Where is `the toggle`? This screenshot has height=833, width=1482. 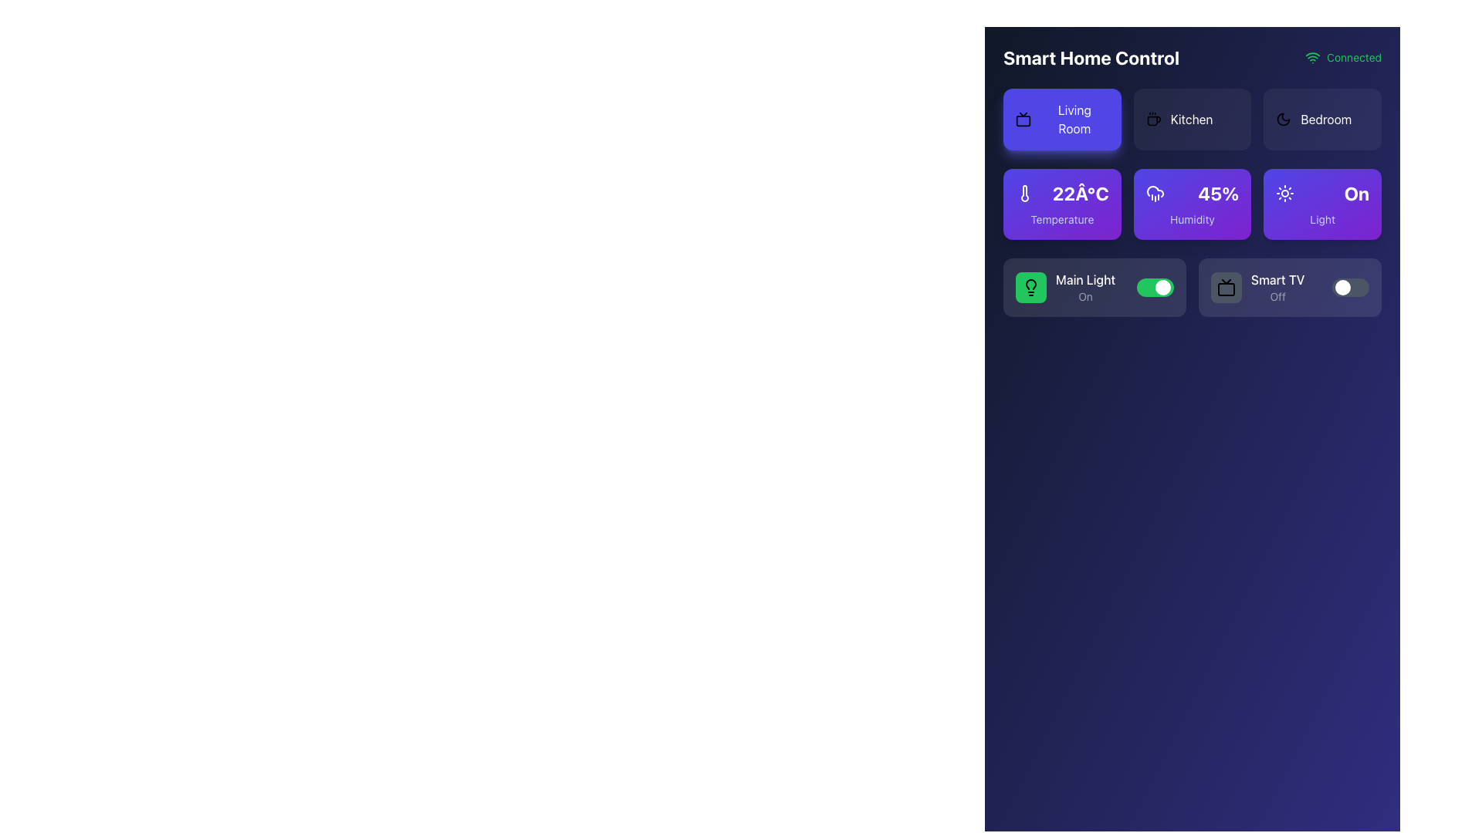
the toggle is located at coordinates (1334, 288).